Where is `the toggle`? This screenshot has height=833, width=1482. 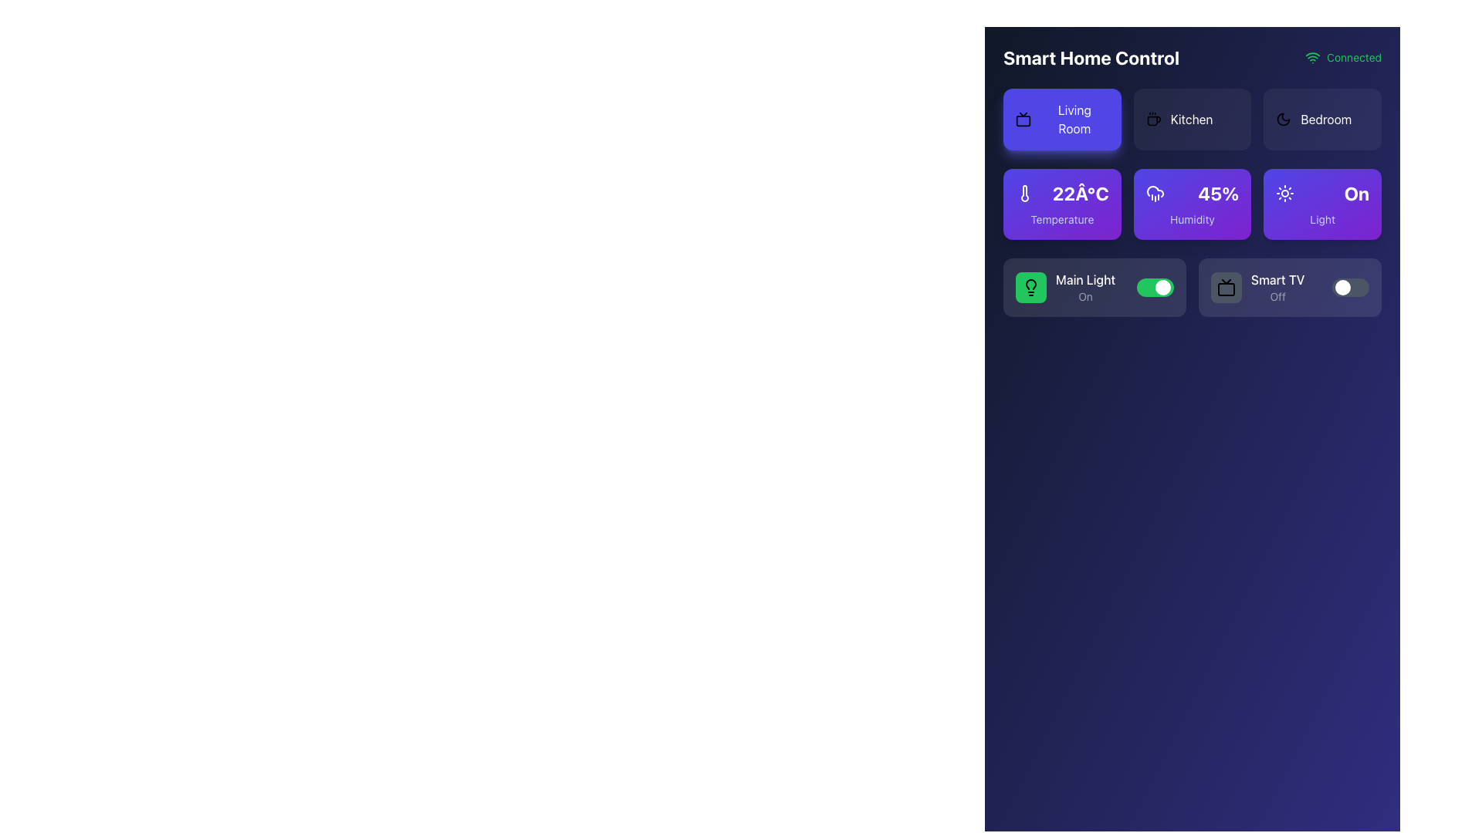
the toggle is located at coordinates (1334, 288).